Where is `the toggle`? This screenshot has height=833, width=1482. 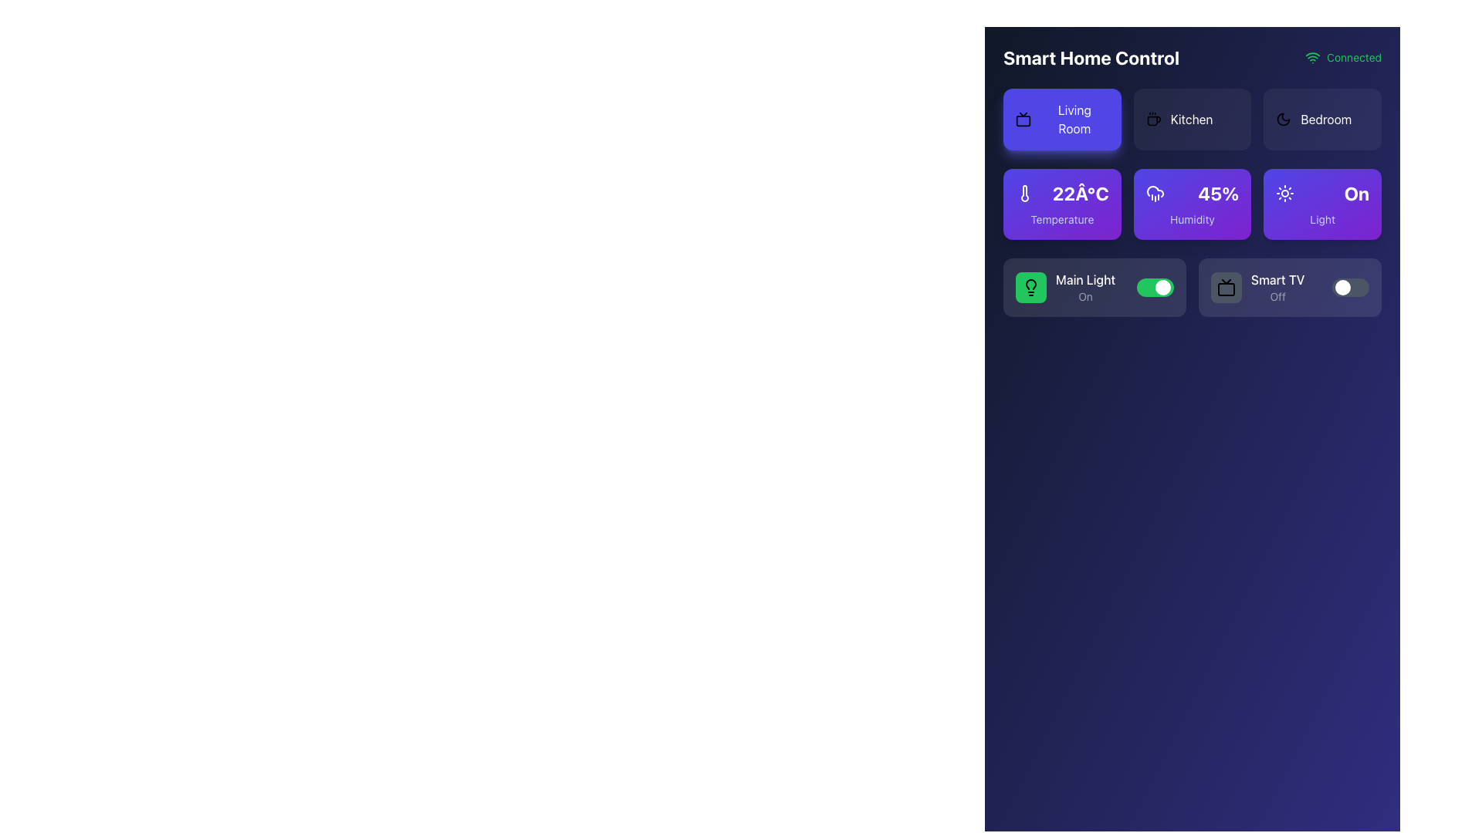
the toggle is located at coordinates (1334, 288).